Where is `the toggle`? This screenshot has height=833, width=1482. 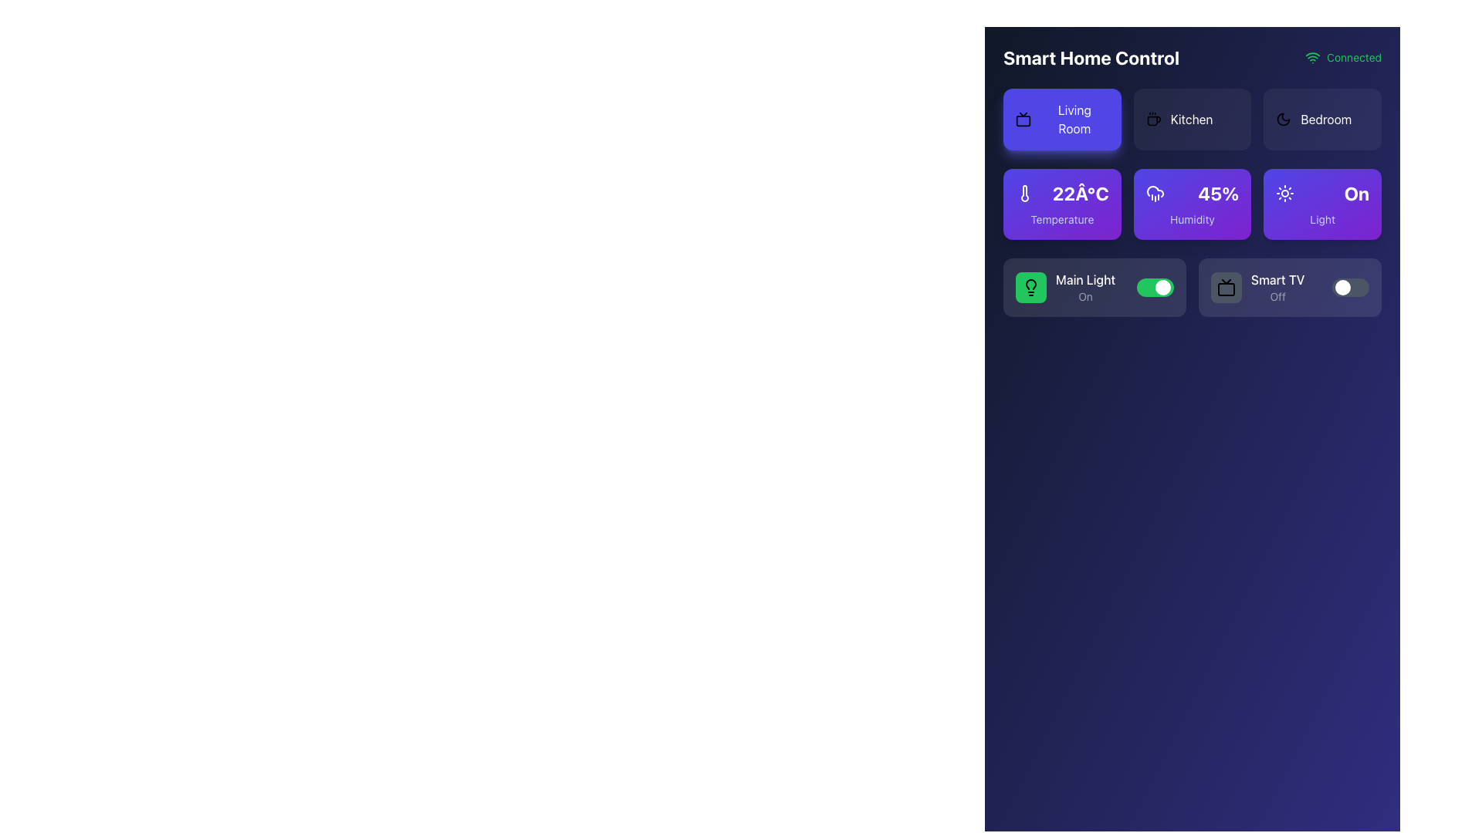
the toggle is located at coordinates (1334, 288).